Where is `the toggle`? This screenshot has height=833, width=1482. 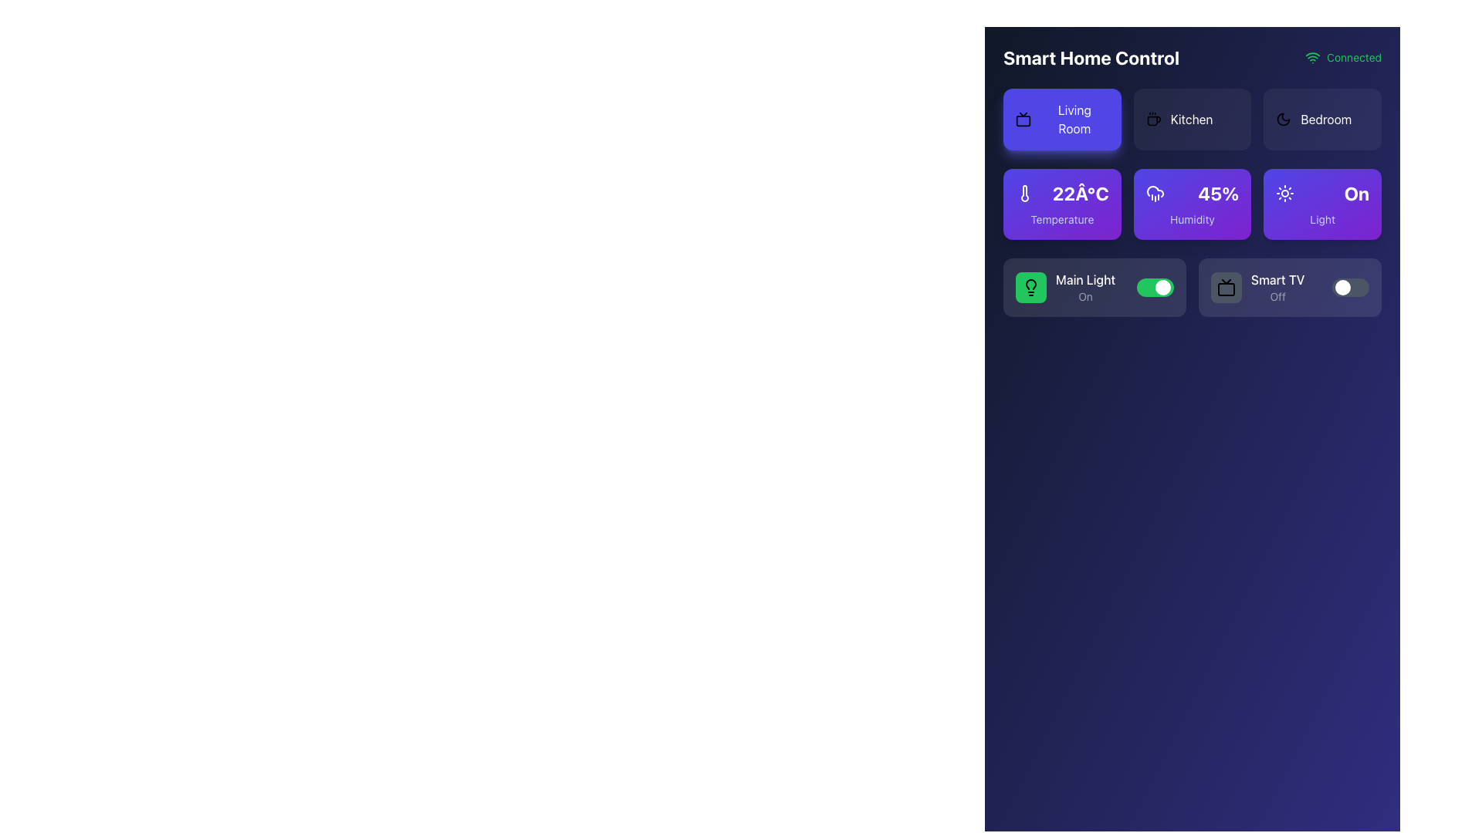
the toggle is located at coordinates (1334, 288).